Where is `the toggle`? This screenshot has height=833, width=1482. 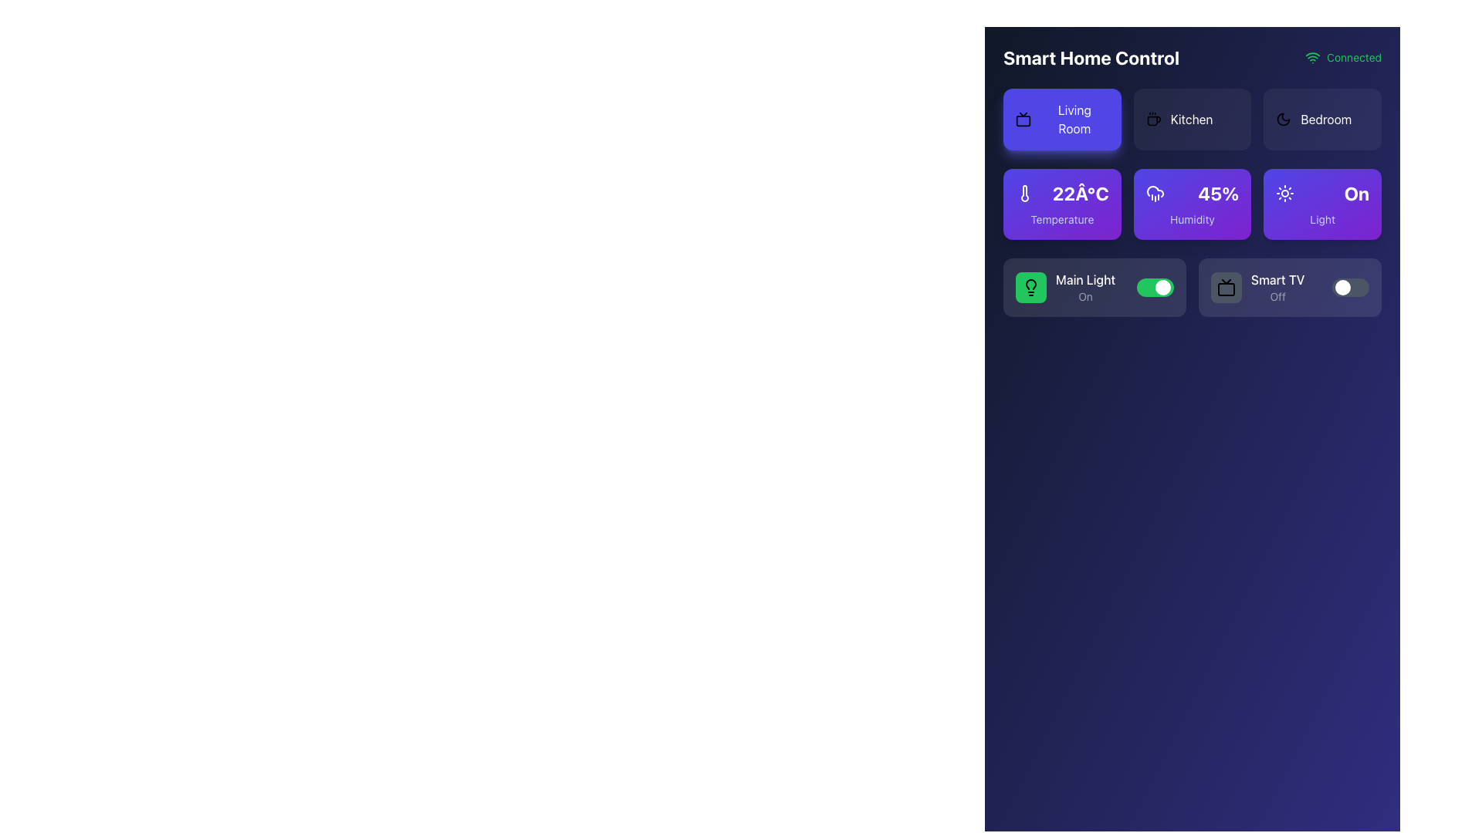
the toggle is located at coordinates (1334, 288).